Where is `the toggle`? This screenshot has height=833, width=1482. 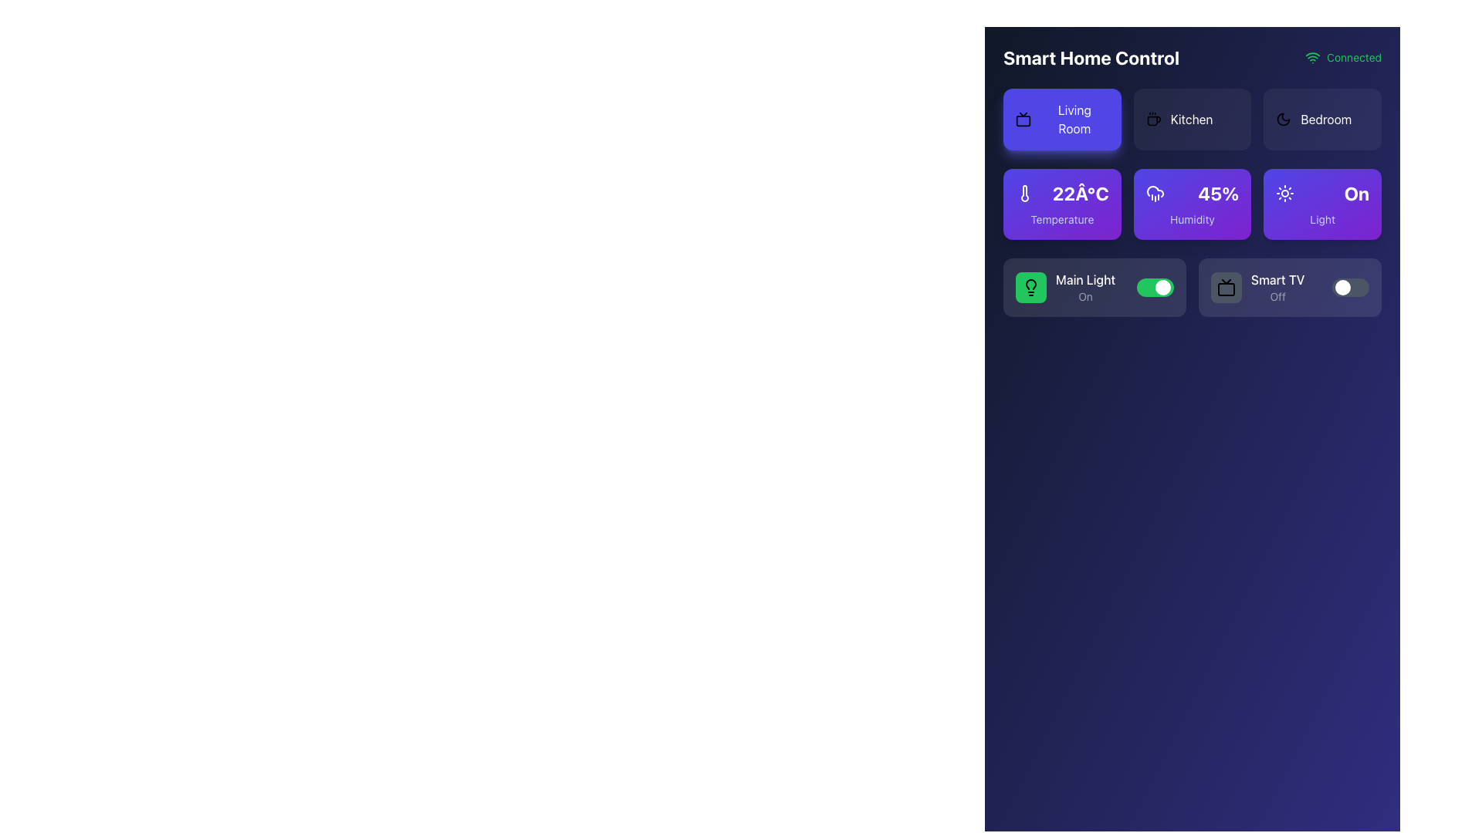
the toggle is located at coordinates (1334, 288).